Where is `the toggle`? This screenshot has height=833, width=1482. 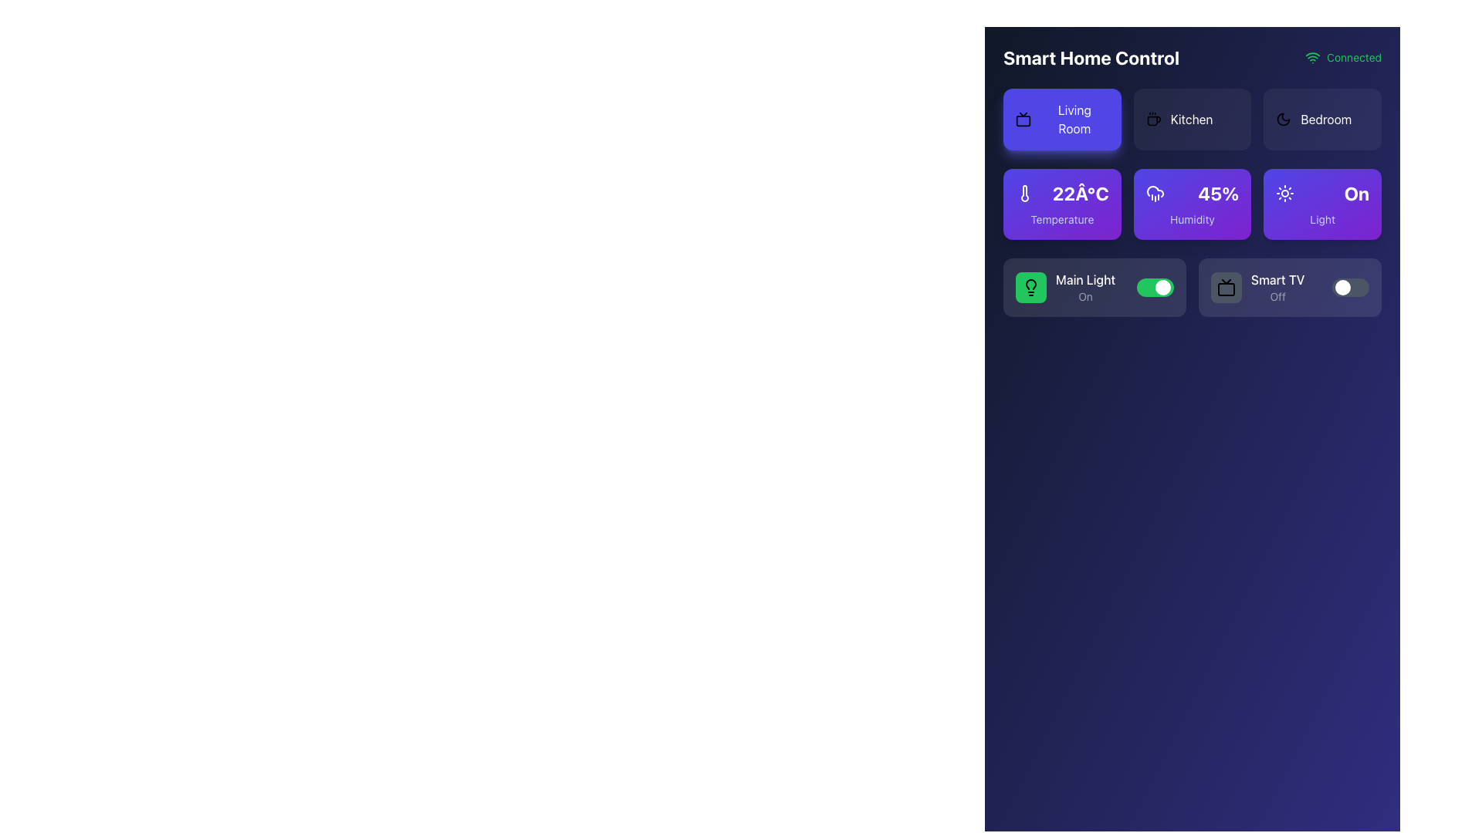
the toggle is located at coordinates (1334, 288).